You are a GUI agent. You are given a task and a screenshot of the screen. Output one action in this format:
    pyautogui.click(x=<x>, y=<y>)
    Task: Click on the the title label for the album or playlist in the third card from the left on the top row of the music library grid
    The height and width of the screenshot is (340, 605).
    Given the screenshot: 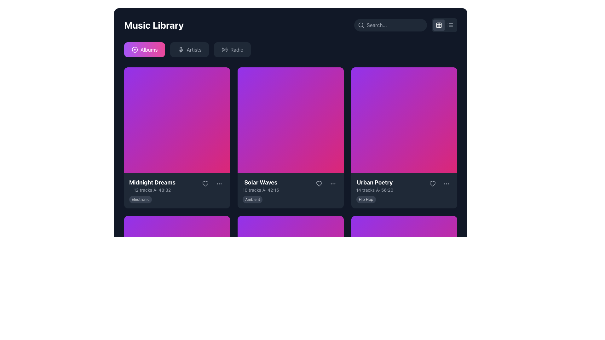 What is the action you would take?
    pyautogui.click(x=375, y=183)
    